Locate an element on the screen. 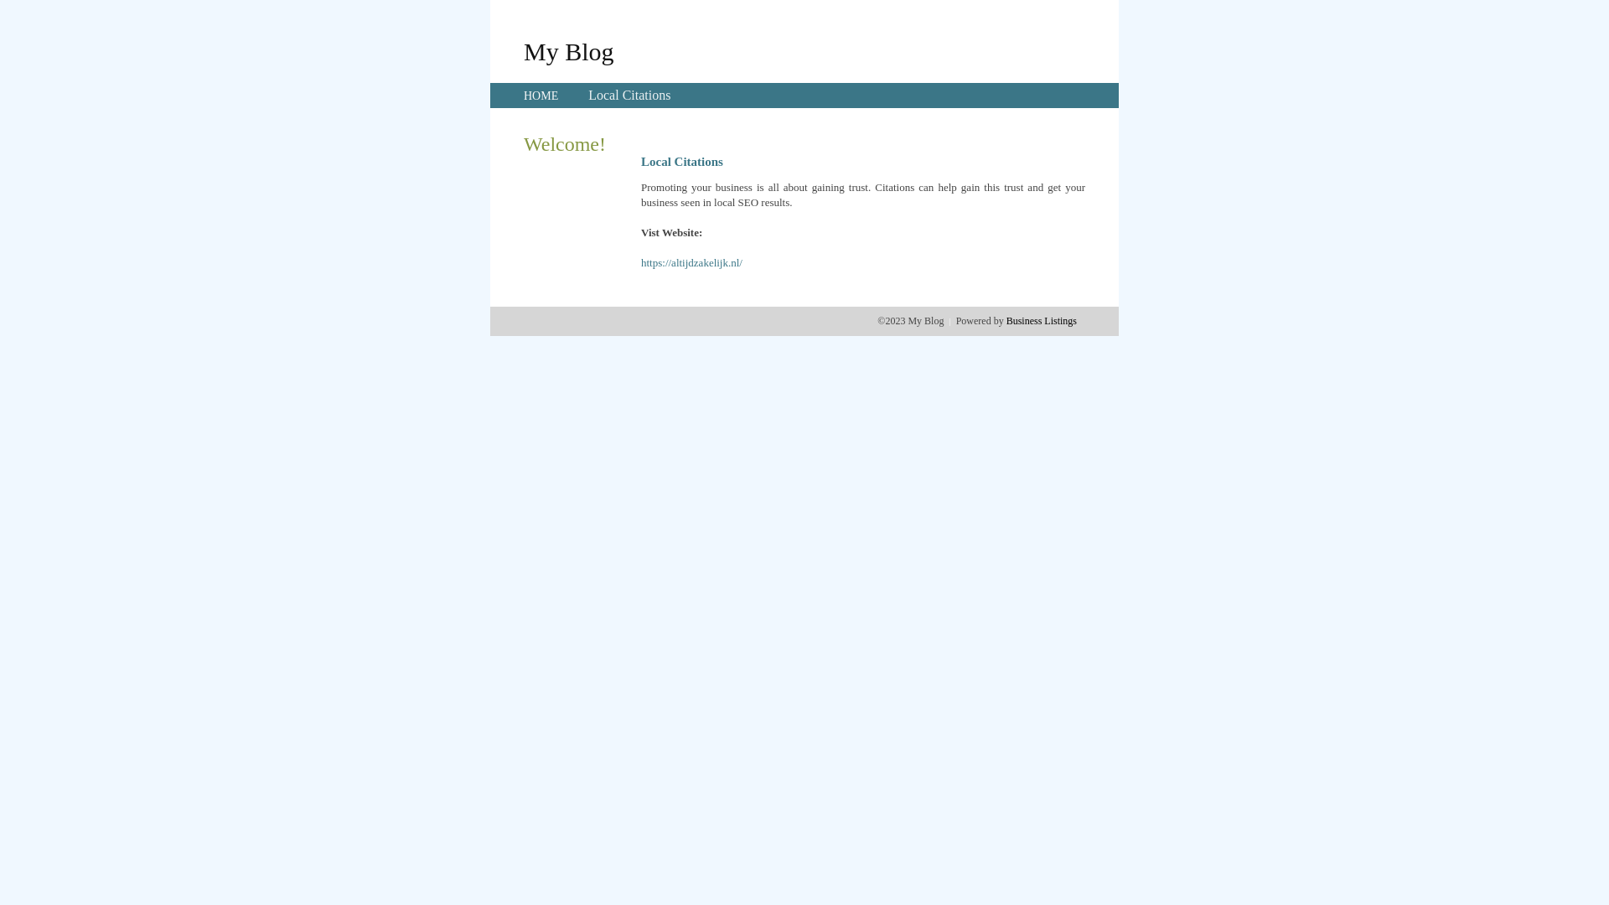  'HOME' is located at coordinates (541, 96).